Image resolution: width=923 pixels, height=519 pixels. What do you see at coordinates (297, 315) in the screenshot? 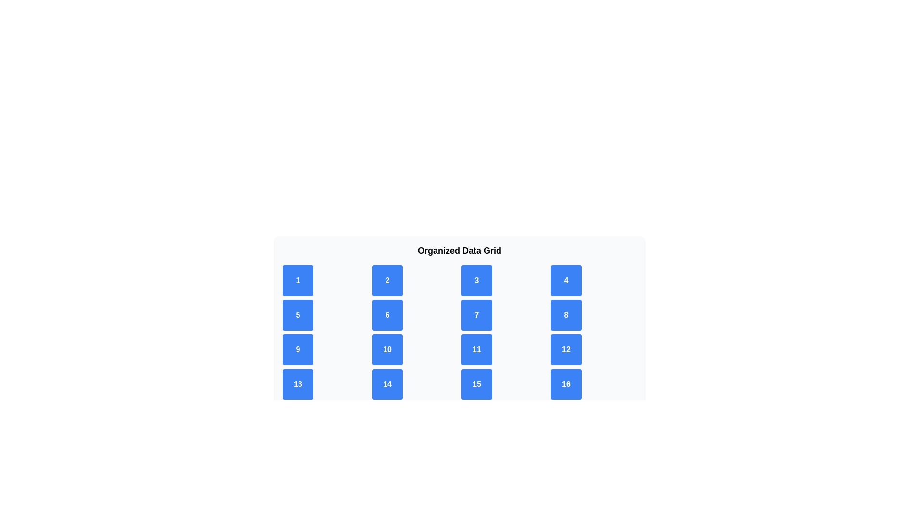
I see `the square button with a blue background and white text displaying the number '5', which is located in the second row and first column of a grid layout` at bounding box center [297, 315].